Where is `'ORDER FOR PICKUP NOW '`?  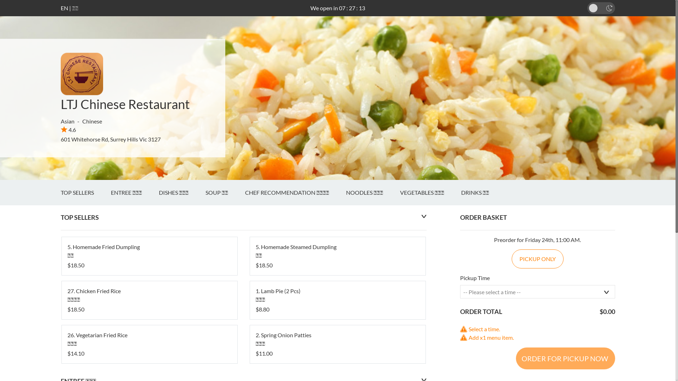 'ORDER FOR PICKUP NOW ' is located at coordinates (565, 358).